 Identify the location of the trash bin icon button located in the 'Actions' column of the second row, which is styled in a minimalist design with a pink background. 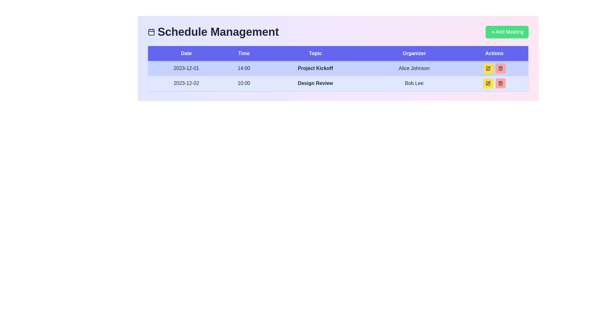
(501, 68).